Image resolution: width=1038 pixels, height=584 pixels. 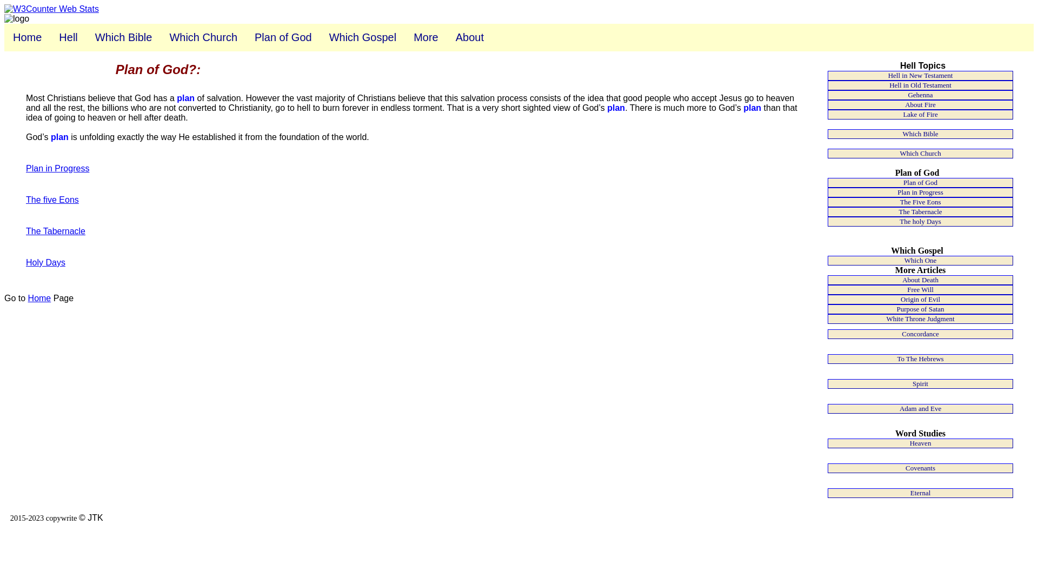 I want to click on 'Heaven', so click(x=920, y=443).